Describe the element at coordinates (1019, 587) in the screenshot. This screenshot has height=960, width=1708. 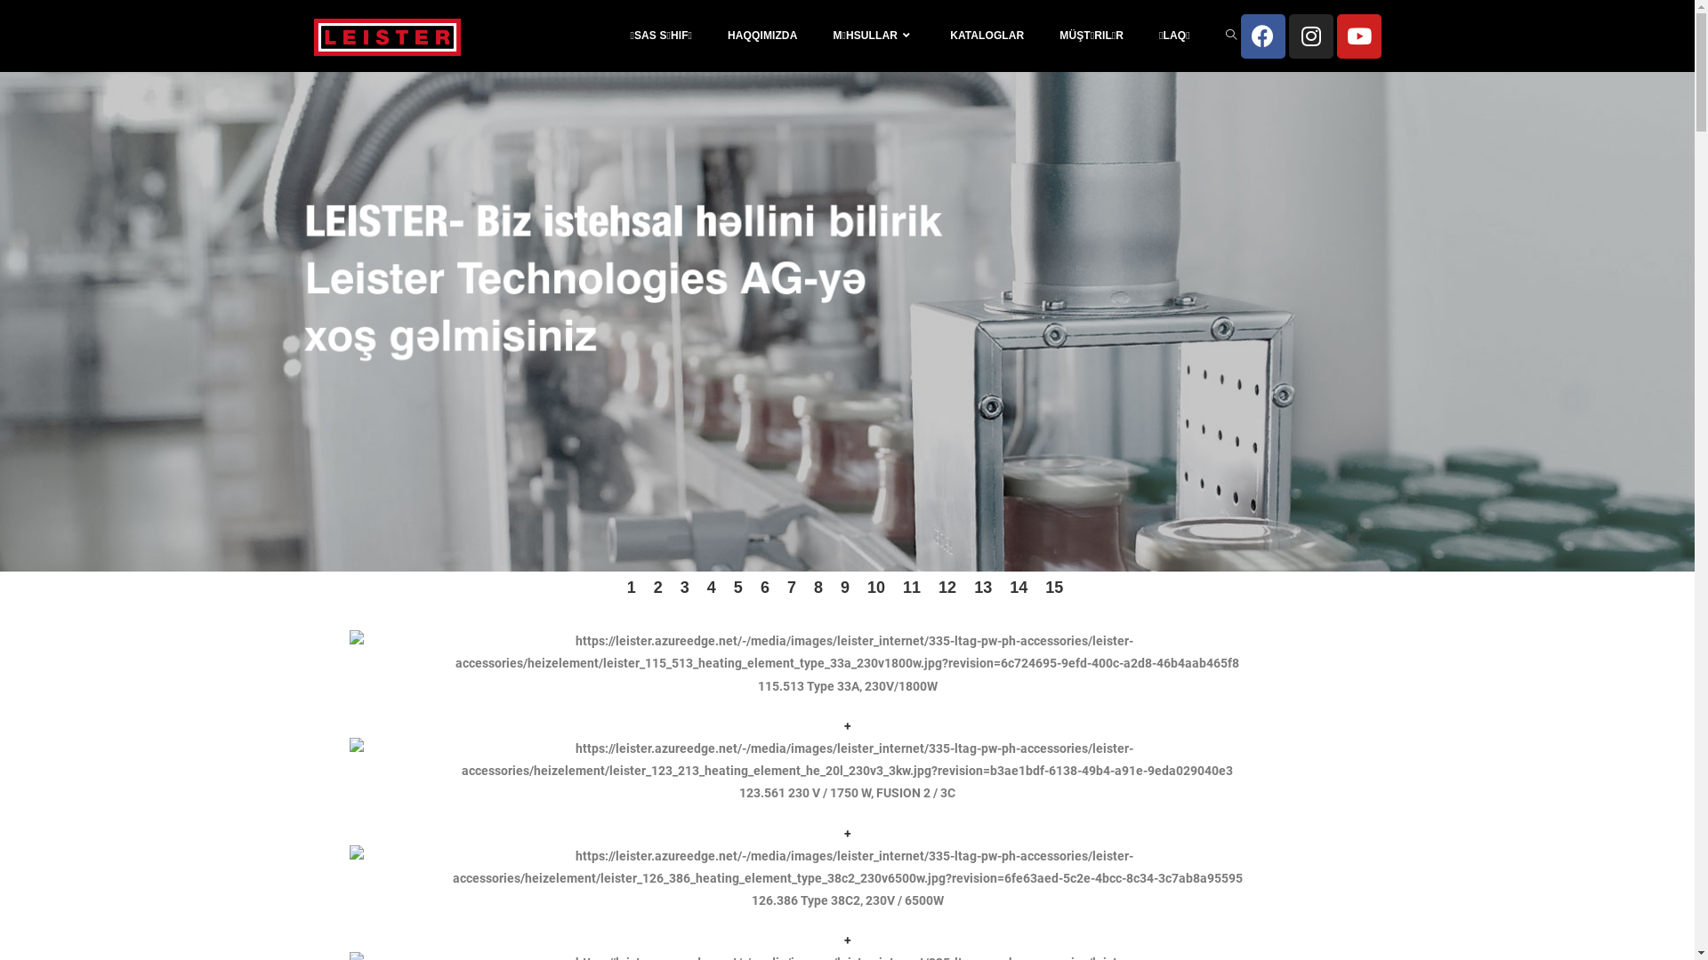
I see `'14'` at that location.